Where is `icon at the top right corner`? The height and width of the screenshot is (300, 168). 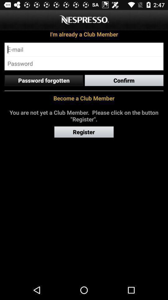 icon at the top right corner is located at coordinates (124, 80).